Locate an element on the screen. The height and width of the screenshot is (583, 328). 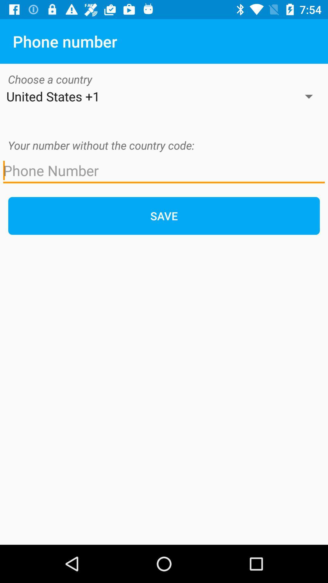
type your phone number is located at coordinates (164, 170).